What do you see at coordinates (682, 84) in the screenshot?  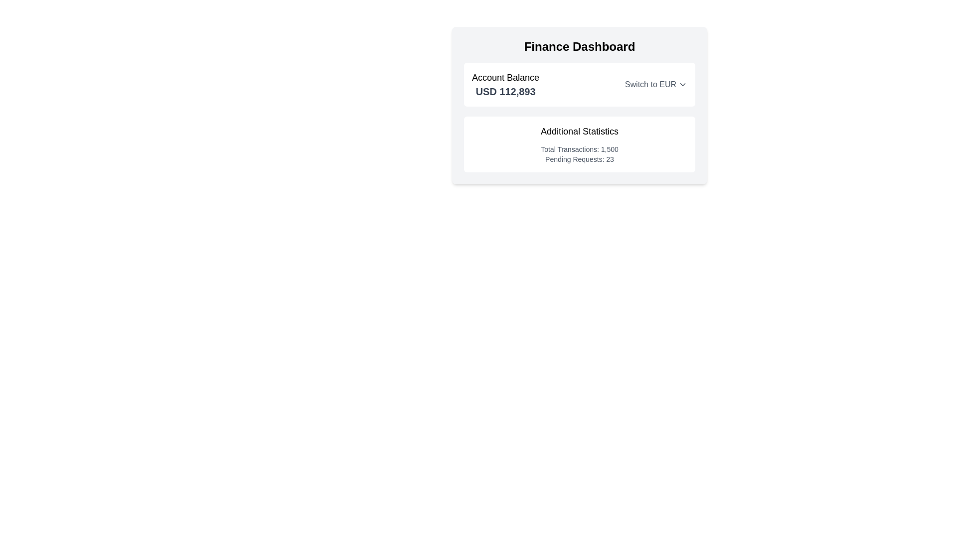 I see `the downward-pointing chevron icon located to the right of the 'Switch to EUR' text to trigger the tooltip or highlight effect` at bounding box center [682, 84].